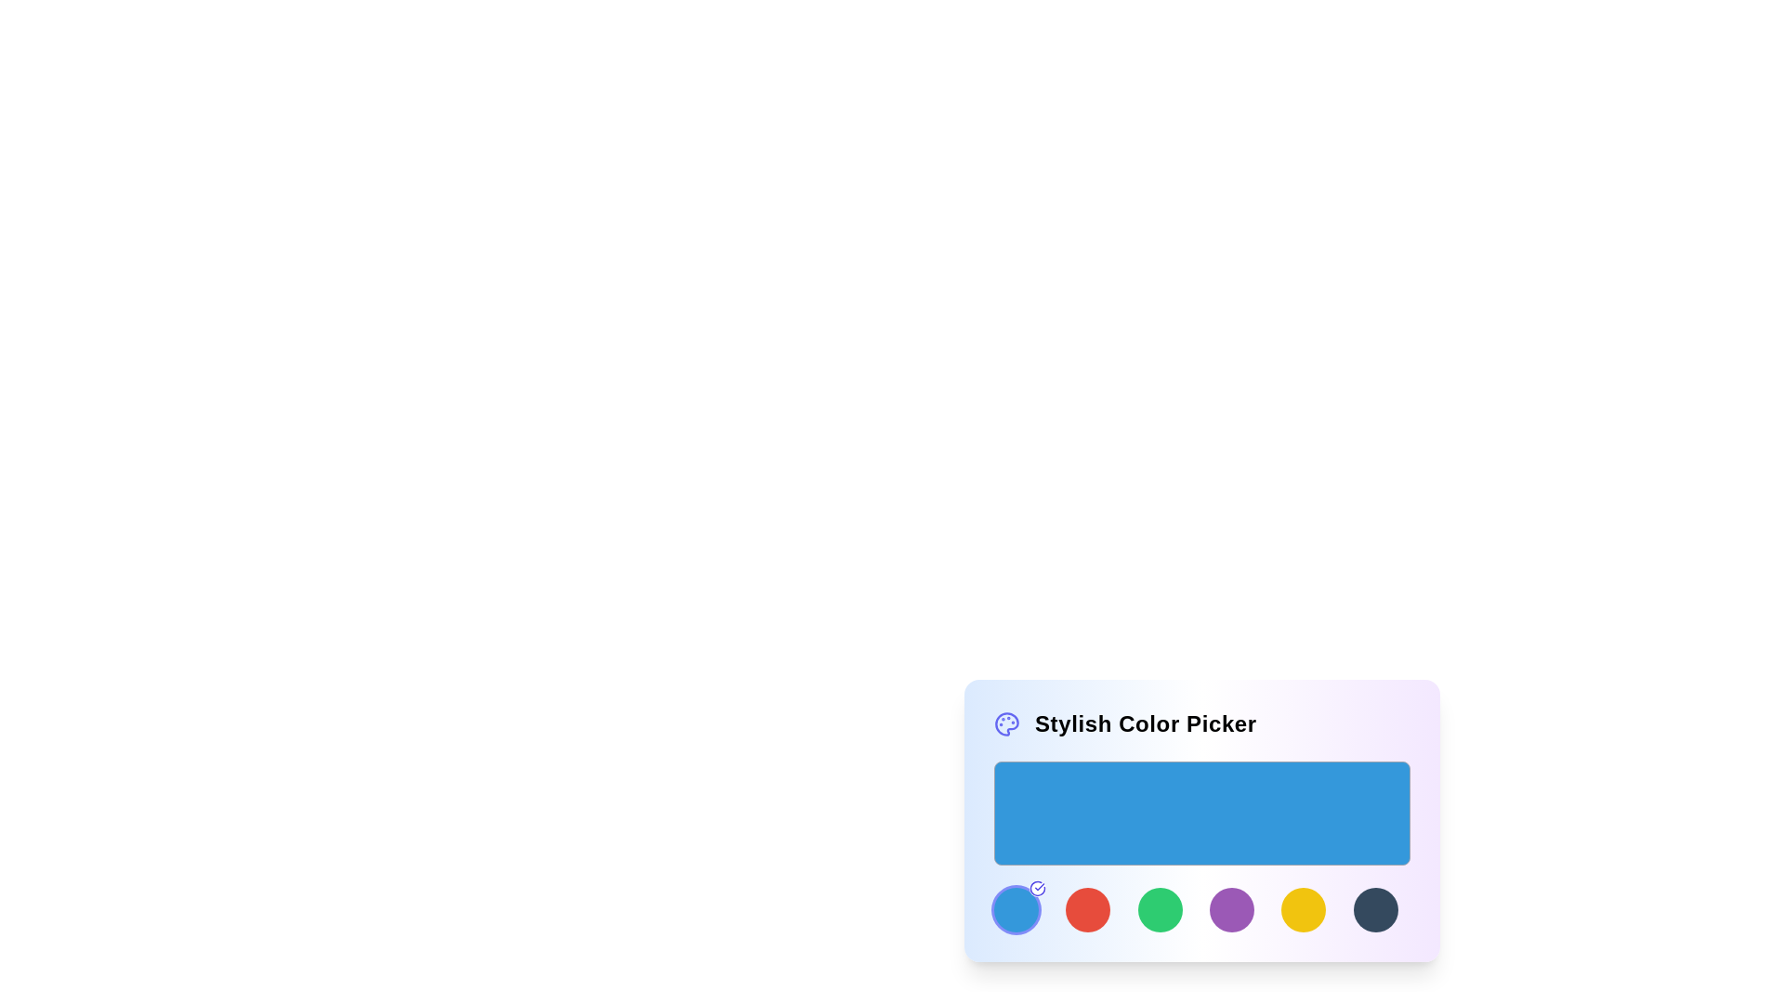  Describe the element at coordinates (1016, 908) in the screenshot. I see `the blue circular button in the color picker interface` at that location.